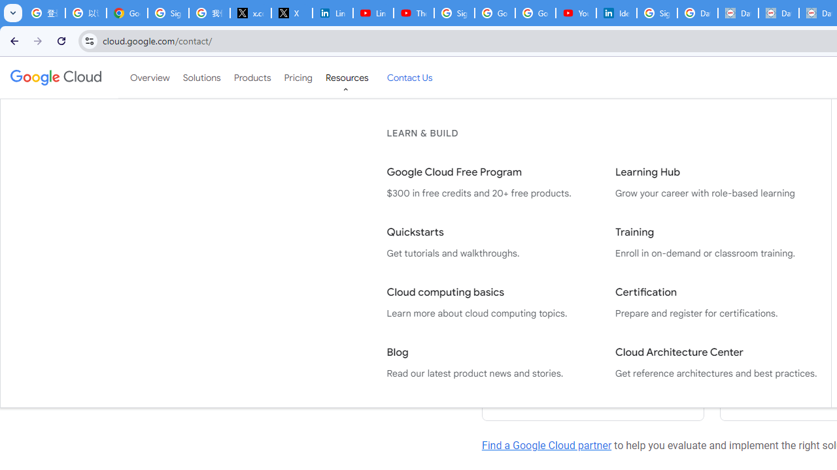  What do you see at coordinates (715, 183) in the screenshot?
I see `'Learning Hub Grow your career with role-based learning'` at bounding box center [715, 183].